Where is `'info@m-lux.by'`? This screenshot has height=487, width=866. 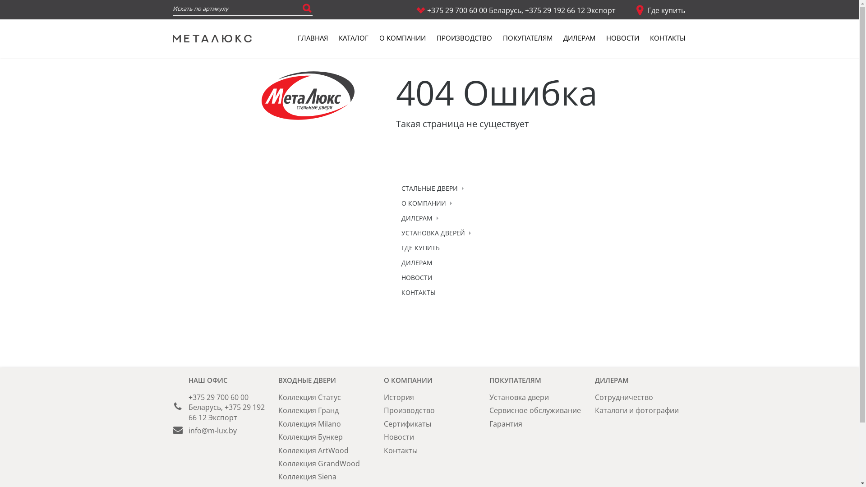 'info@m-lux.by' is located at coordinates (212, 430).